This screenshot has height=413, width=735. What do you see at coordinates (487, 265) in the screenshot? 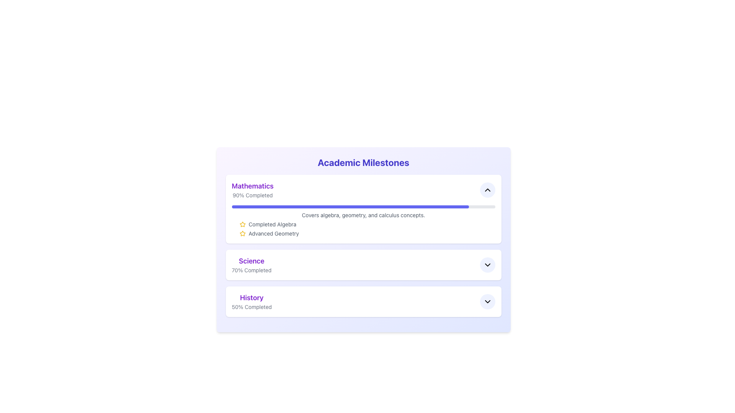
I see `the Chevron Down SVG Icon located on the right side of the 'Science' milestone section in the 'Academic Milestones' interface` at bounding box center [487, 265].